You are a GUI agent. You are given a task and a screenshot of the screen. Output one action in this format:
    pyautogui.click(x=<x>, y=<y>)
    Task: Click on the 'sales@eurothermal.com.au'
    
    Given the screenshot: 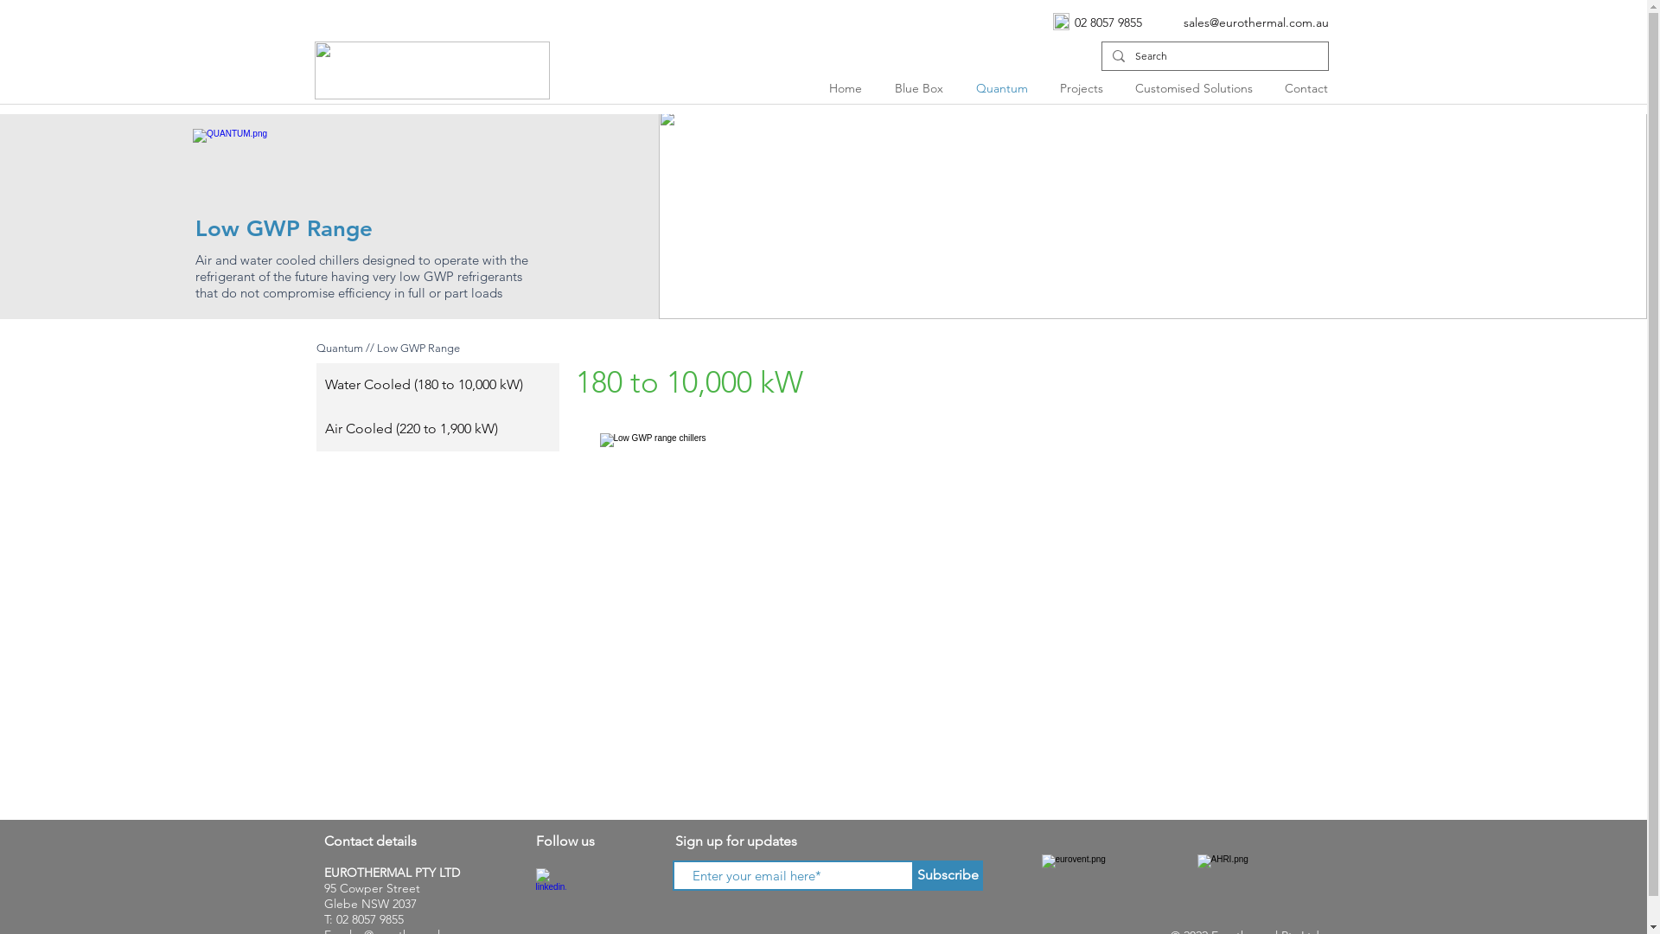 What is the action you would take?
    pyautogui.click(x=1255, y=22)
    